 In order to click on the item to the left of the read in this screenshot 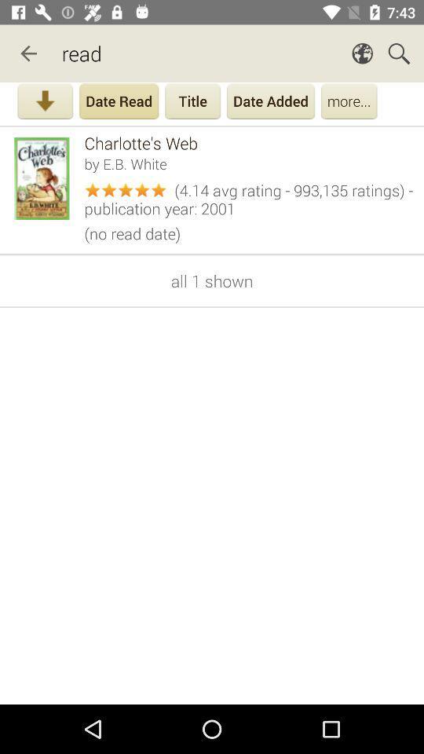, I will do `click(28, 53)`.